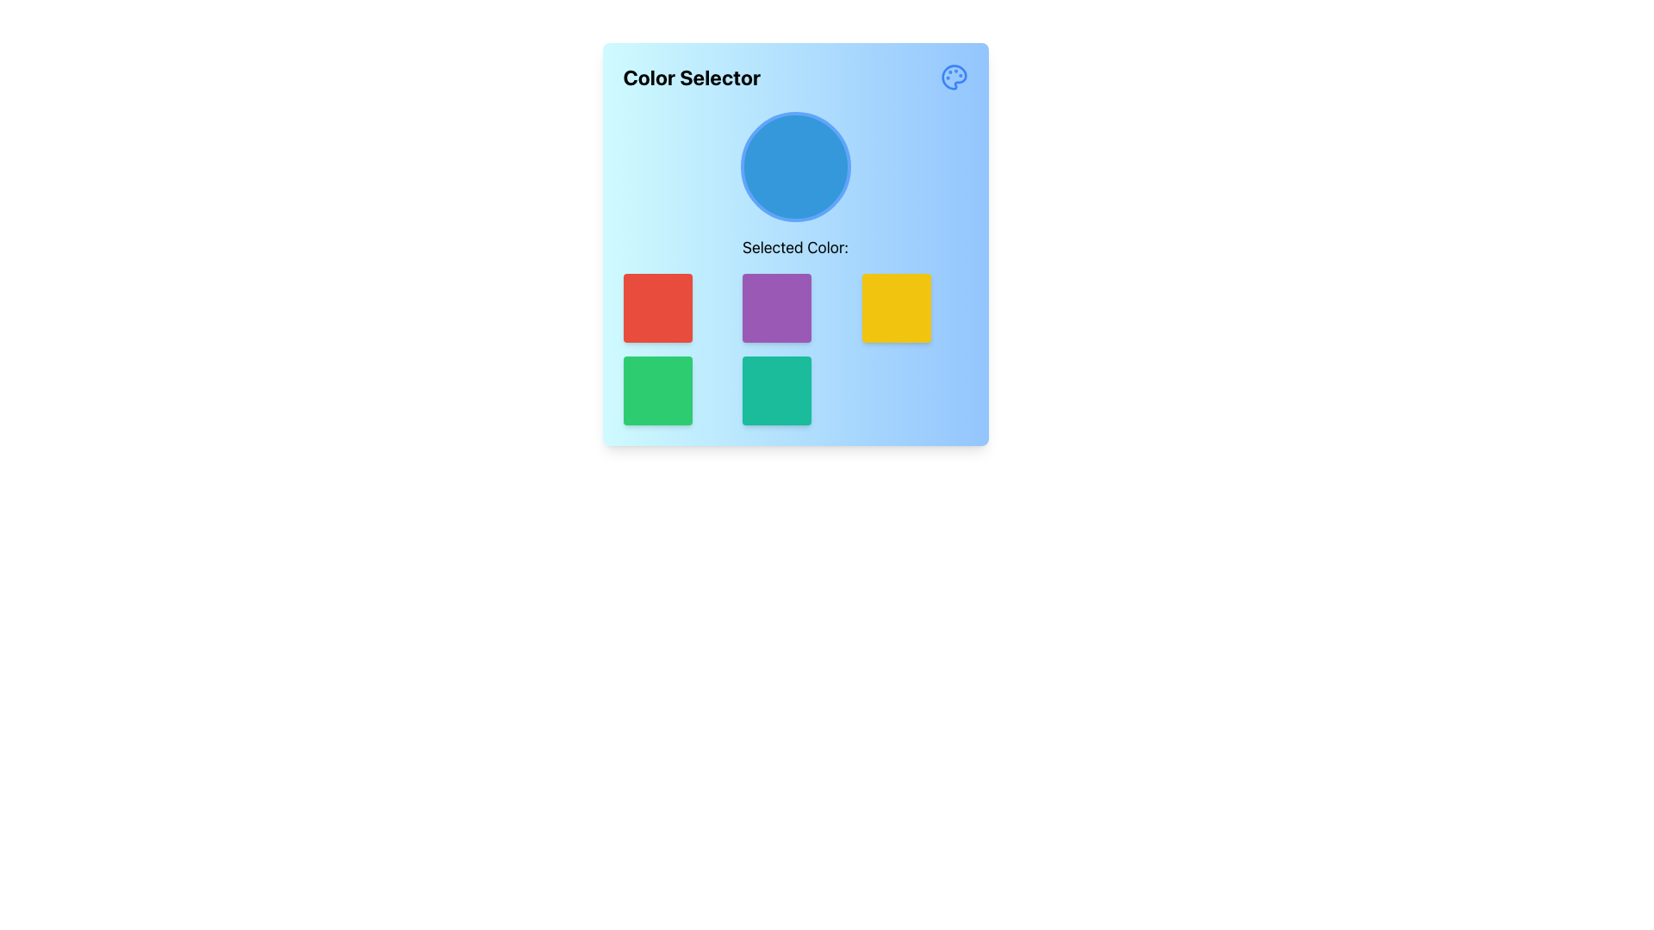 The image size is (1654, 930). I want to click on the teal colored square selector located in the Color Selector interface, specifically the fifth square in the grid layout, so click(793, 391).